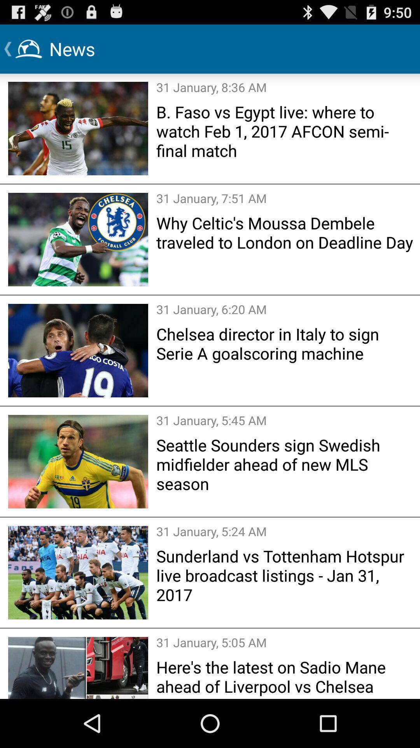 This screenshot has height=748, width=420. I want to click on sunderland vs tottenham icon, so click(285, 575).